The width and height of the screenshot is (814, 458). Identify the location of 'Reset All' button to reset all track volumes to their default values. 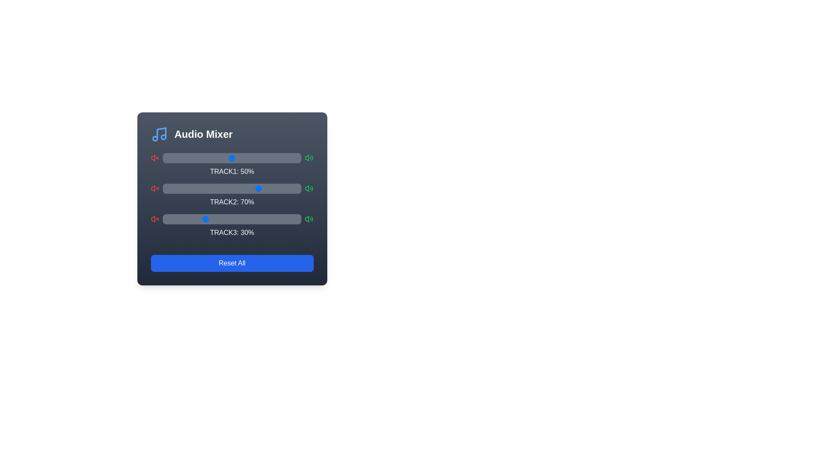
(232, 263).